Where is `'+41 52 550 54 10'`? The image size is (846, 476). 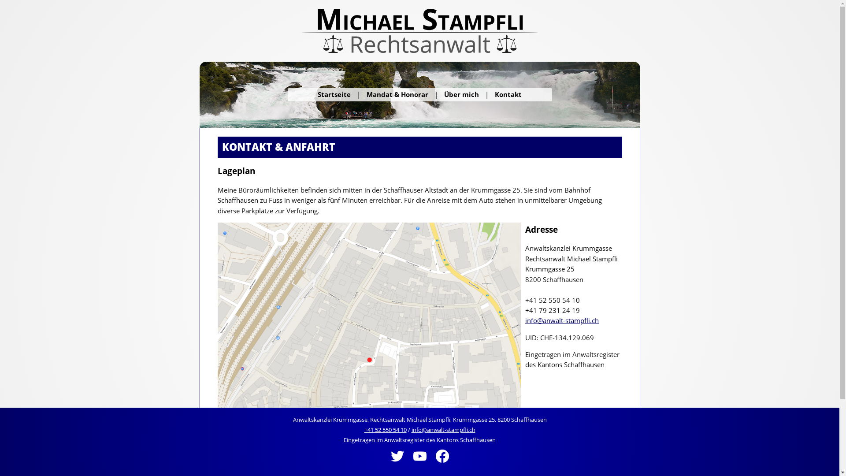
'+41 52 550 54 10' is located at coordinates (385, 429).